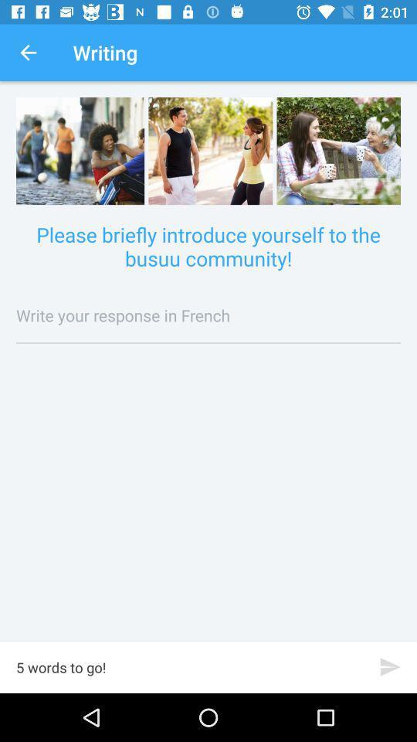 The height and width of the screenshot is (742, 417). Describe the element at coordinates (389, 666) in the screenshot. I see `the send icon` at that location.